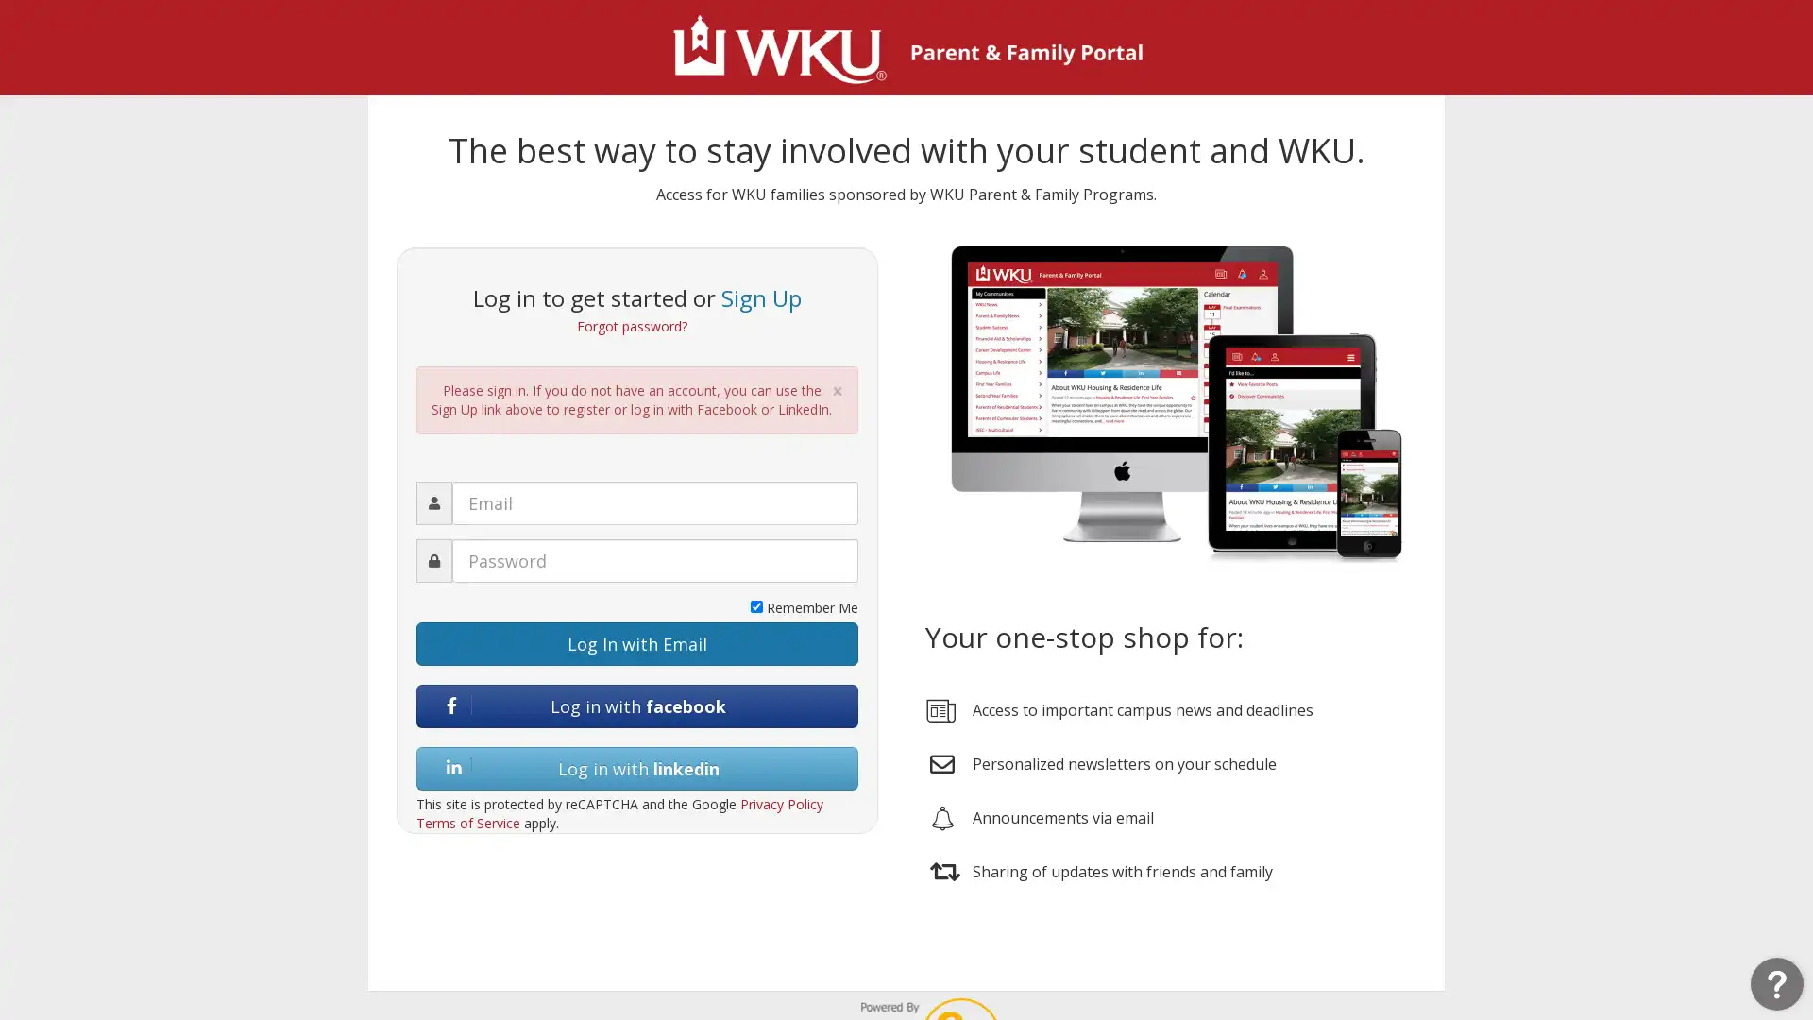 The height and width of the screenshot is (1020, 1813). What do you see at coordinates (637, 705) in the screenshot?
I see `Log in with facebook` at bounding box center [637, 705].